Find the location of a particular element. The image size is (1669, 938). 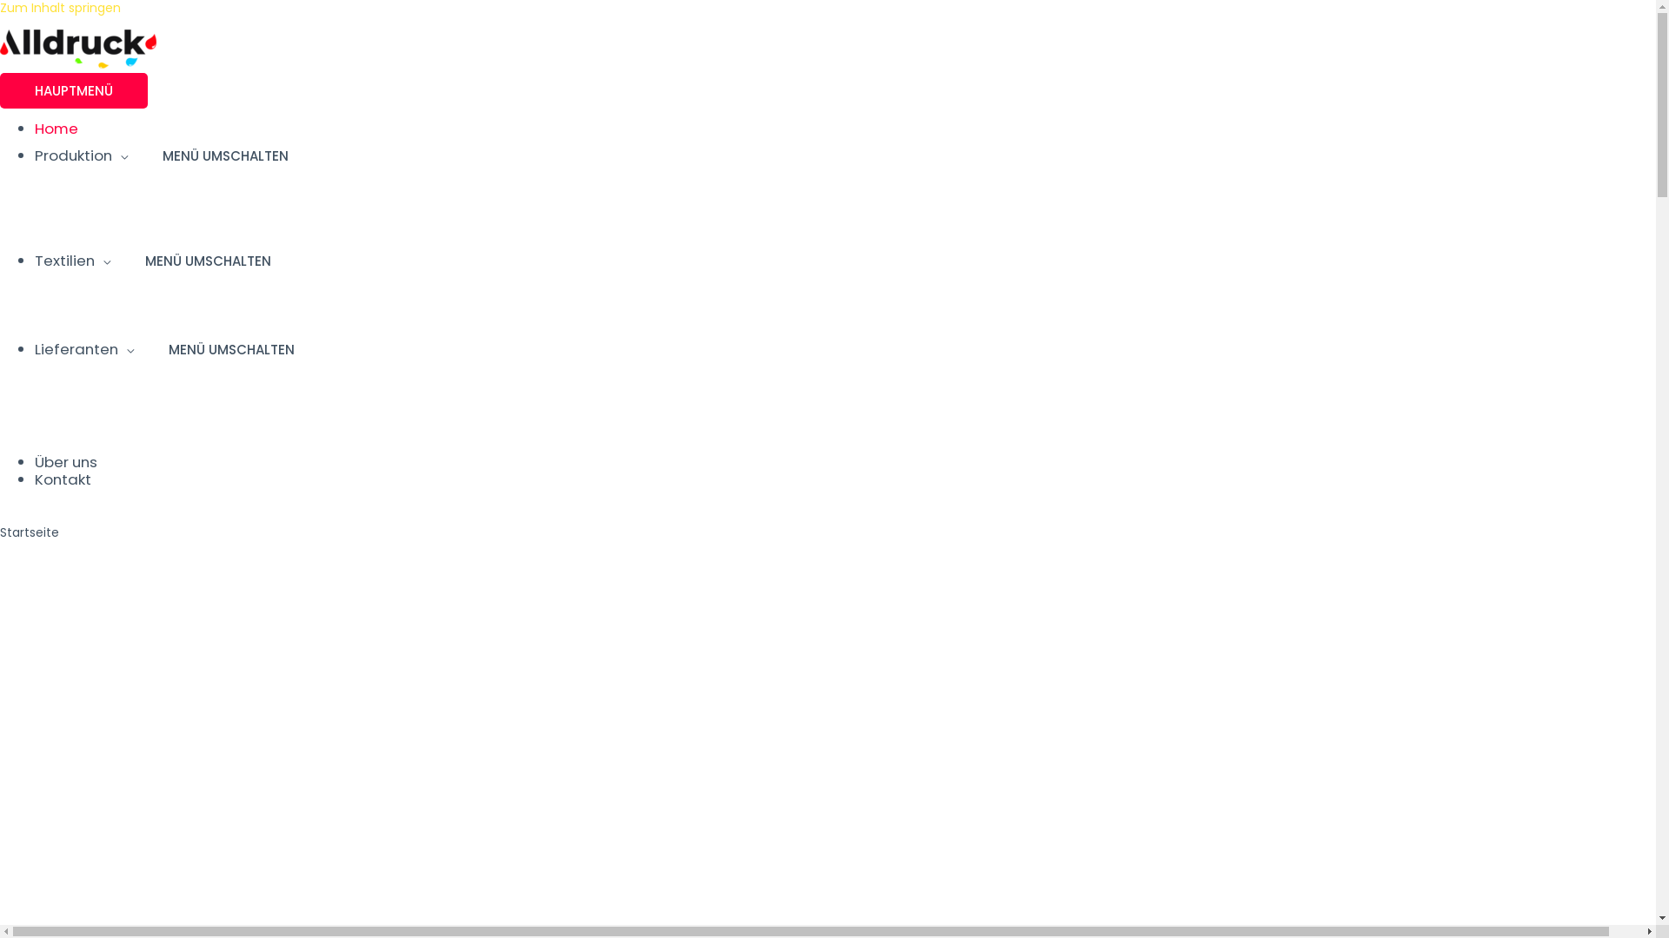

'Kontakt' is located at coordinates (63, 479).